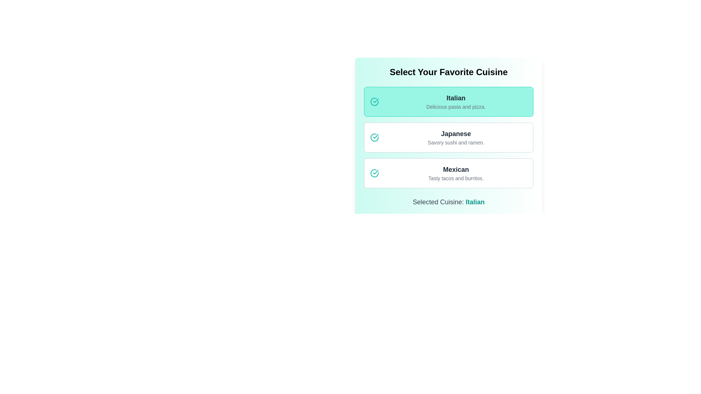 The image size is (701, 394). What do you see at coordinates (375, 101) in the screenshot?
I see `the decorative and indicative icon representing the selection status of the first selectable option in the 'Select Your Favorite Cuisine' list` at bounding box center [375, 101].